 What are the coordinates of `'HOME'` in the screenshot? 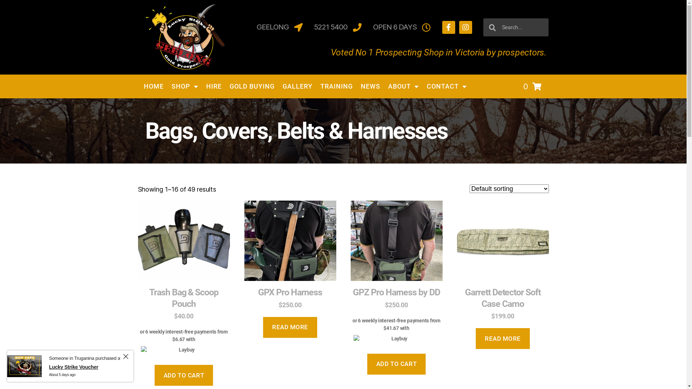 It's located at (140, 86).